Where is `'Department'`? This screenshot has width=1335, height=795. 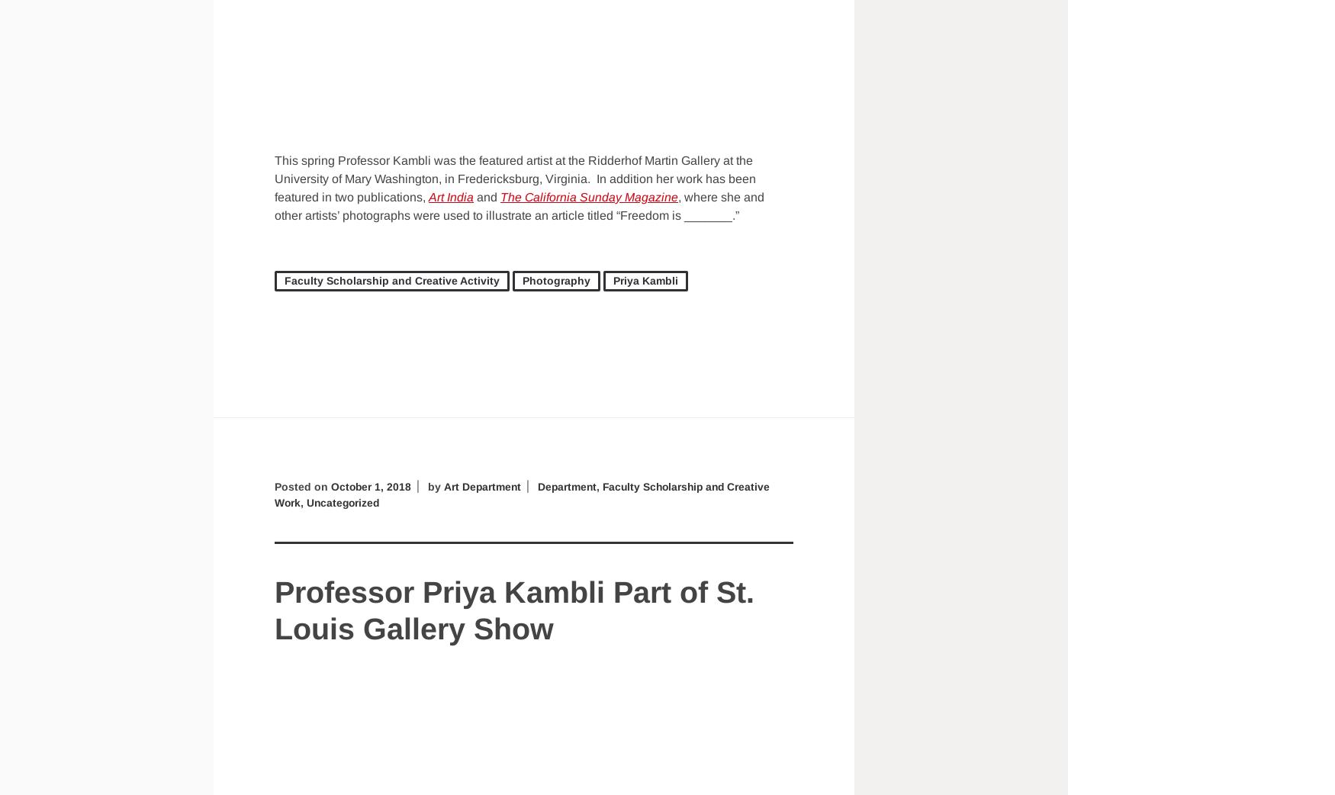
'Department' is located at coordinates (570, 485).